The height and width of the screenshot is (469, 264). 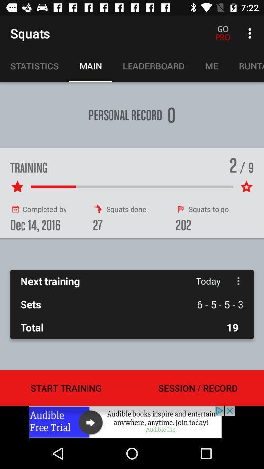 What do you see at coordinates (132, 422) in the screenshot?
I see `advertisement` at bounding box center [132, 422].